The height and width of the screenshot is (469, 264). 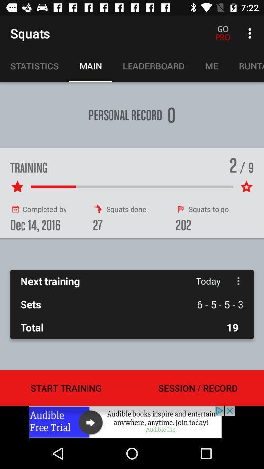 What do you see at coordinates (132, 422) in the screenshot?
I see `advertisement` at bounding box center [132, 422].